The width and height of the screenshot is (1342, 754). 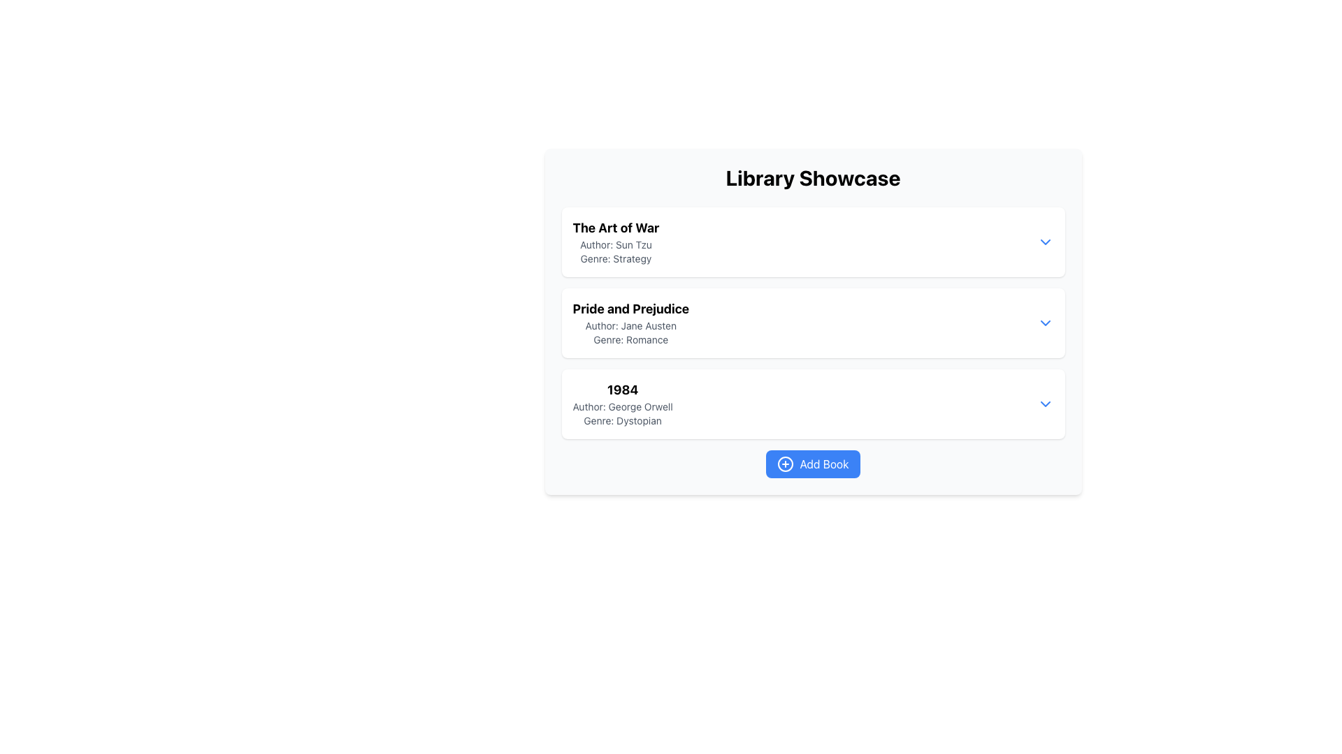 What do you see at coordinates (786, 464) in the screenshot?
I see `the 'add' icon located within the blue rectangular 'Add Book' button, which is positioned to the left of the text` at bounding box center [786, 464].